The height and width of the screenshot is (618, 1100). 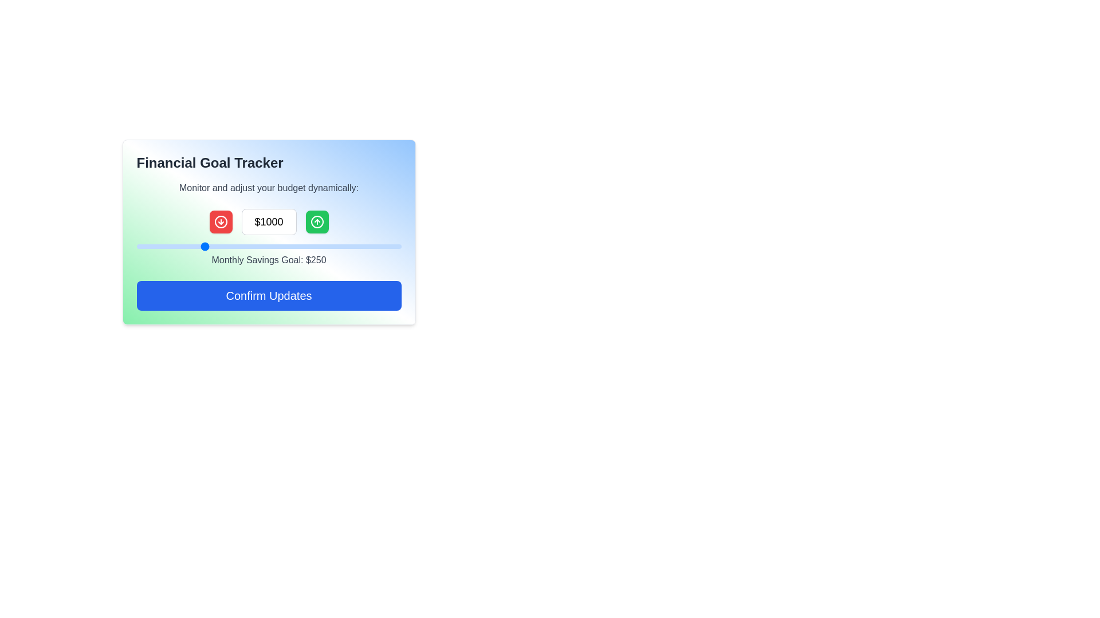 I want to click on the monthly savings goal, so click(x=294, y=246).